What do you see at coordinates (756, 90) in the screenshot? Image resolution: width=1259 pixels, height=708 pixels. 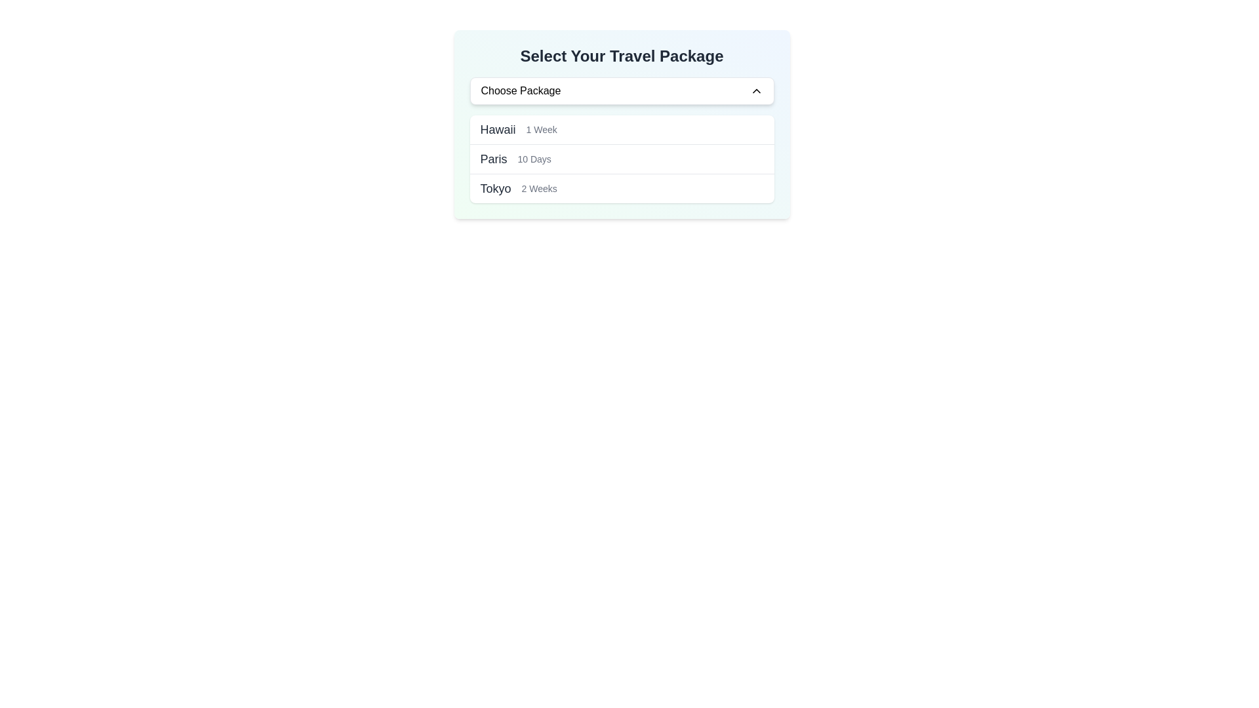 I see `the collapse icon located at the right-most position inside the 'Choose Package' dropdown selector for accessibility purposes` at bounding box center [756, 90].